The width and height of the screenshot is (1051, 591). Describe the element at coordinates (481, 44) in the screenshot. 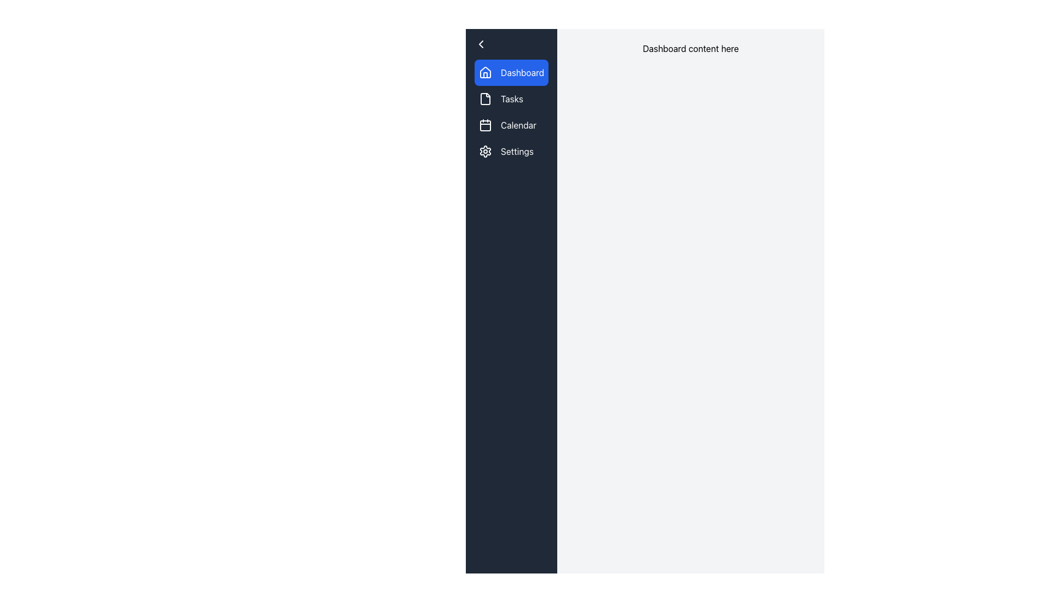

I see `the left-pointing chevron icon button in the top left corner of the sidebar` at that location.